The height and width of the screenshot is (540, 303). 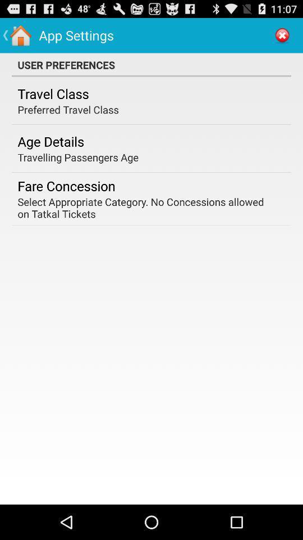 What do you see at coordinates (148, 207) in the screenshot?
I see `the icon below the fare concession app` at bounding box center [148, 207].